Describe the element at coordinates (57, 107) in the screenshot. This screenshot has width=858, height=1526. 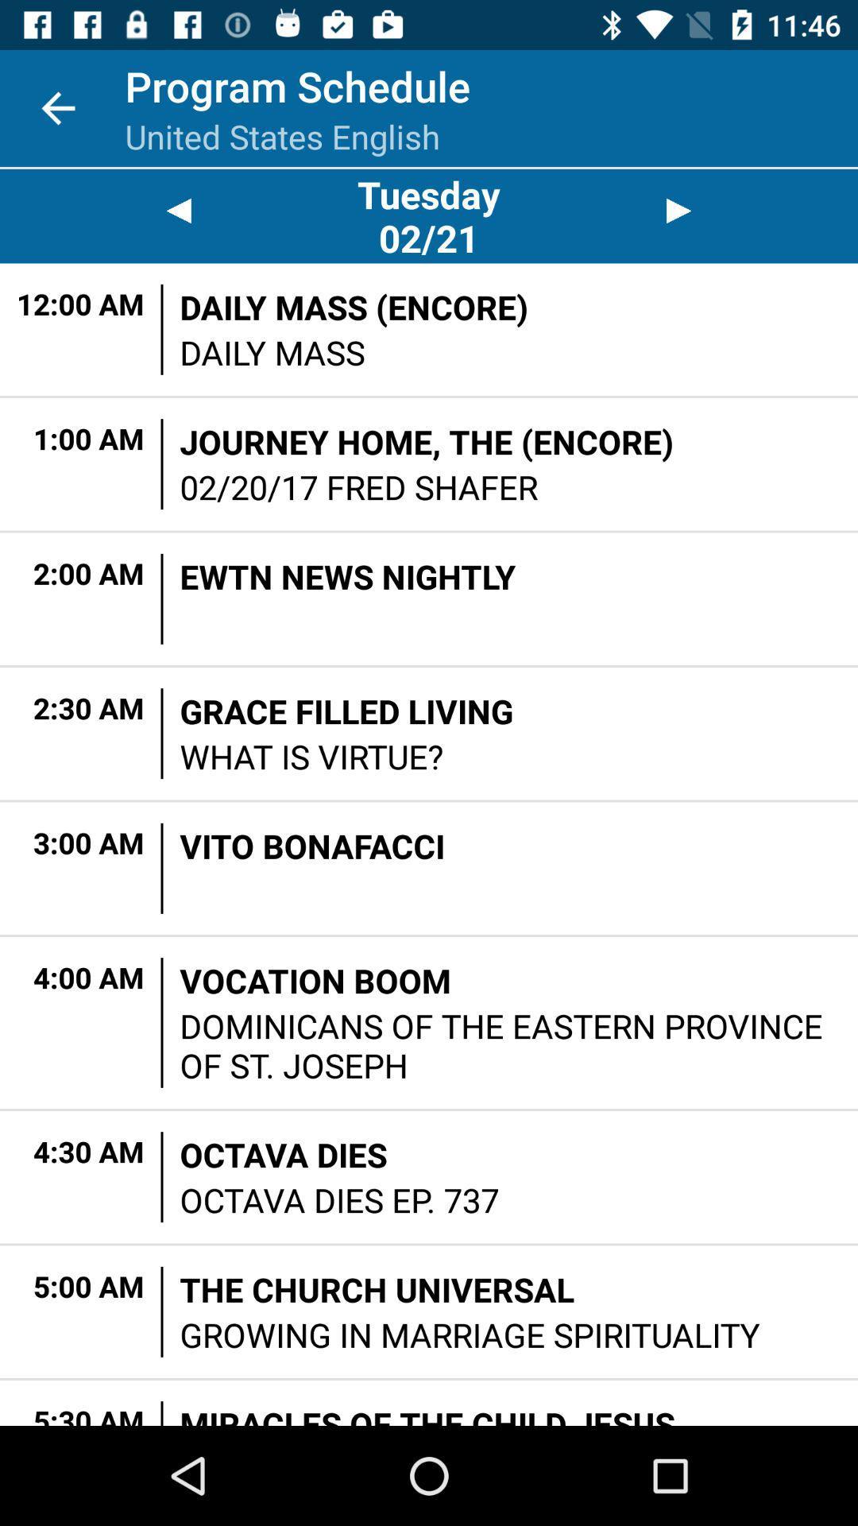
I see `the app to the left of program schedule item` at that location.